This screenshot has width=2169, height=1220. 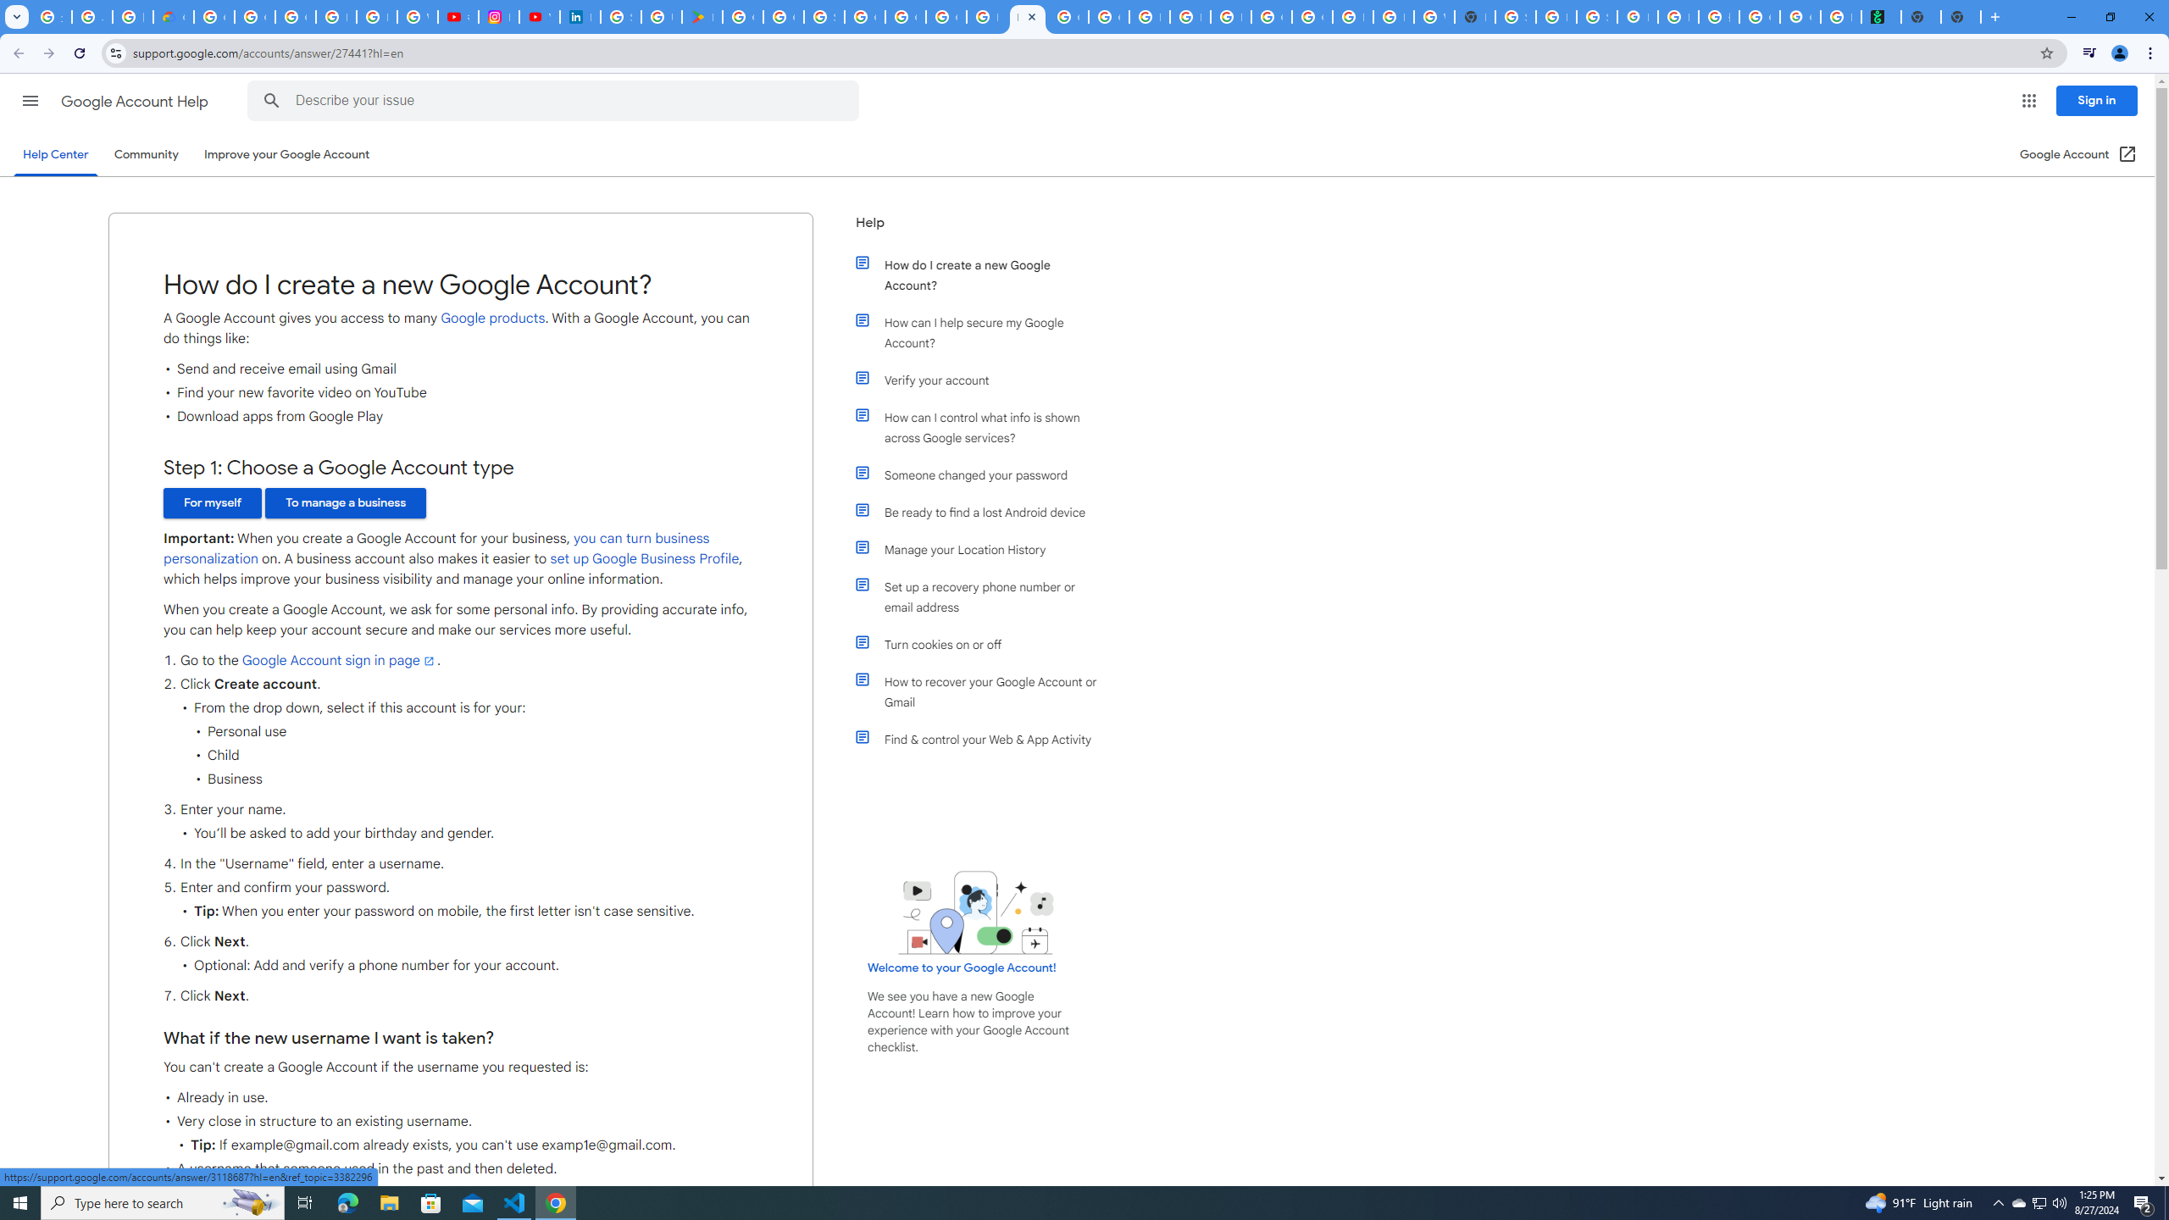 What do you see at coordinates (985, 474) in the screenshot?
I see `'Someone changed your password'` at bounding box center [985, 474].